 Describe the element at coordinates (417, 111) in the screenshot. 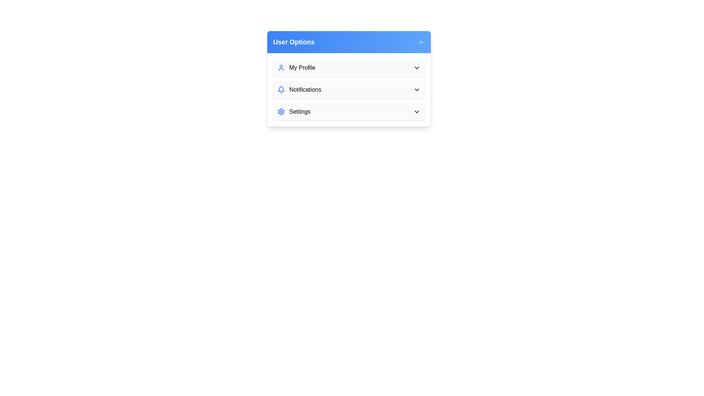

I see `the small downward-pointing chevron icon with a thin outline located at the rightmost end of the 'Settings' row in the dropdown under 'User Options'` at that location.